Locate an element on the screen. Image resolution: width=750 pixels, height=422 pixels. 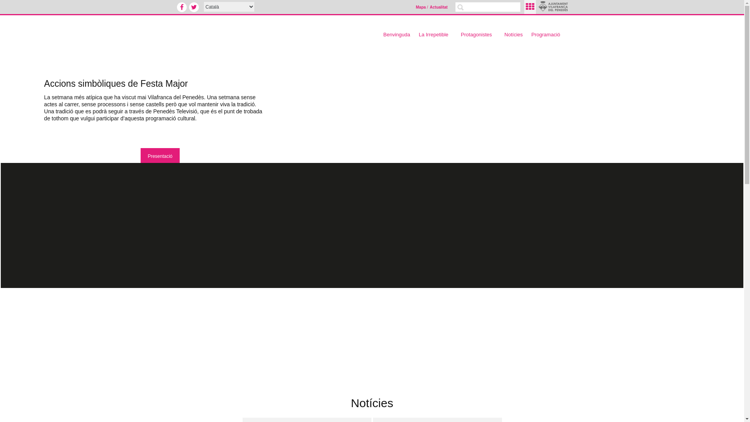
'Protagonistes' is located at coordinates (459, 34).